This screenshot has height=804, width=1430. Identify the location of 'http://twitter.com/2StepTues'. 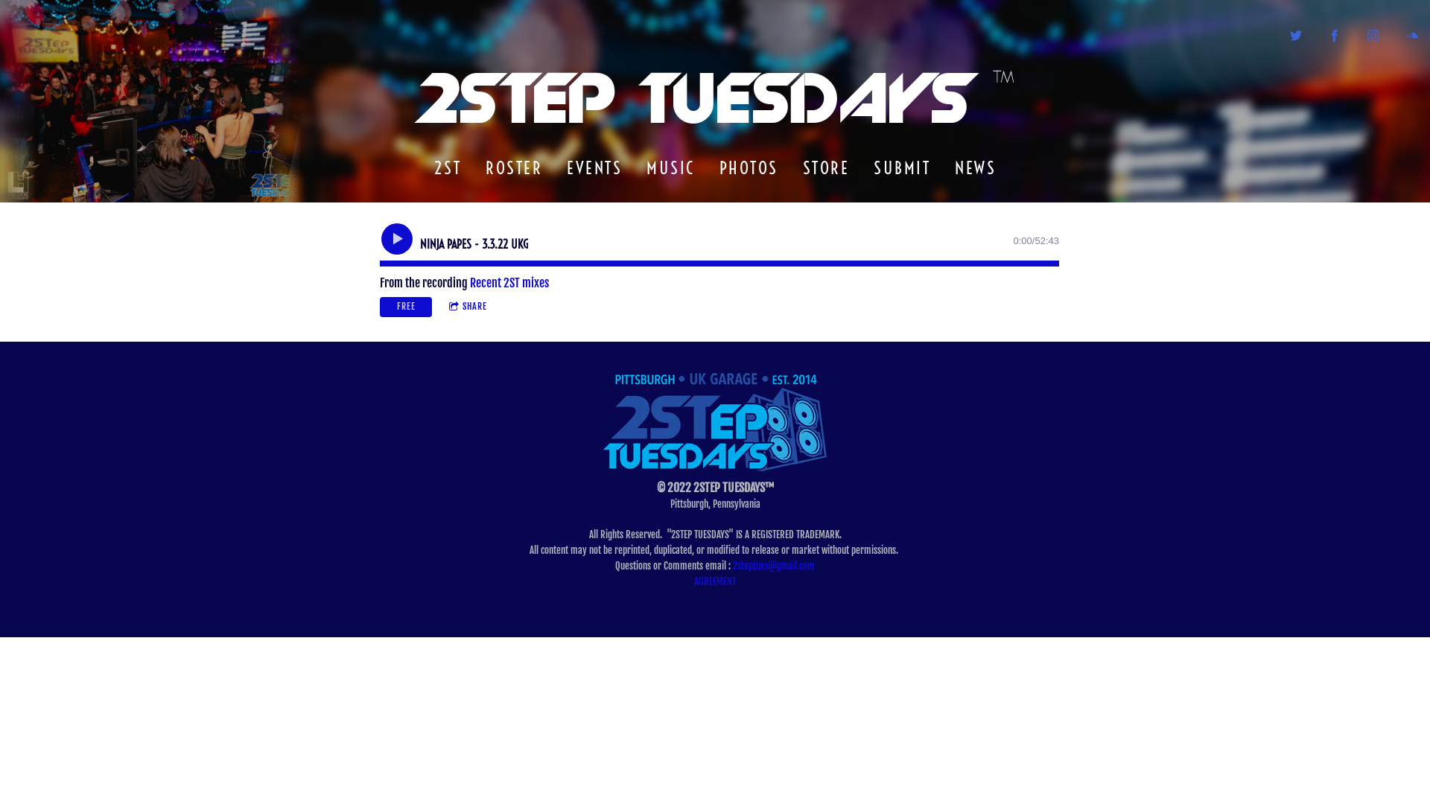
(1289, 34).